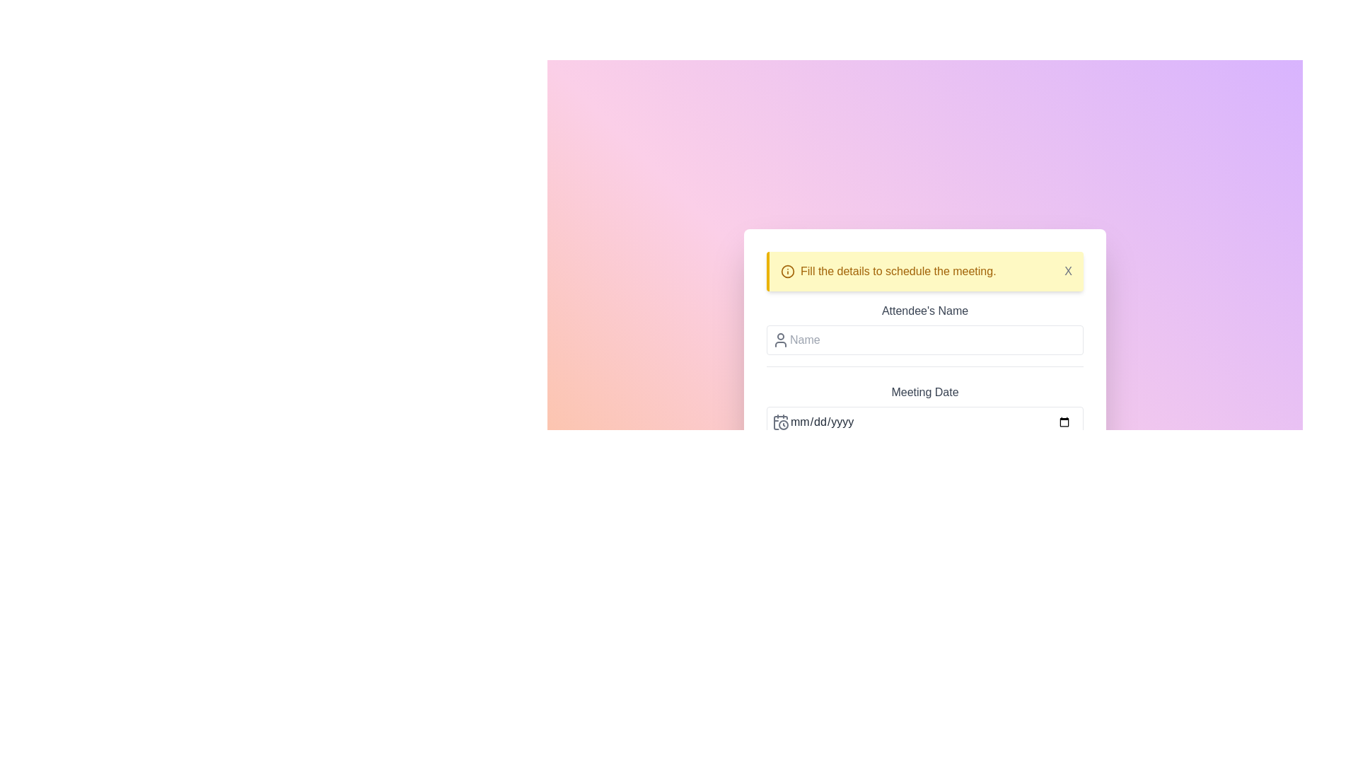 Image resolution: width=1358 pixels, height=764 pixels. I want to click on the circle shape graphical component that serves as an information icon in the top-left corner of the yellow notification banner, so click(787, 272).